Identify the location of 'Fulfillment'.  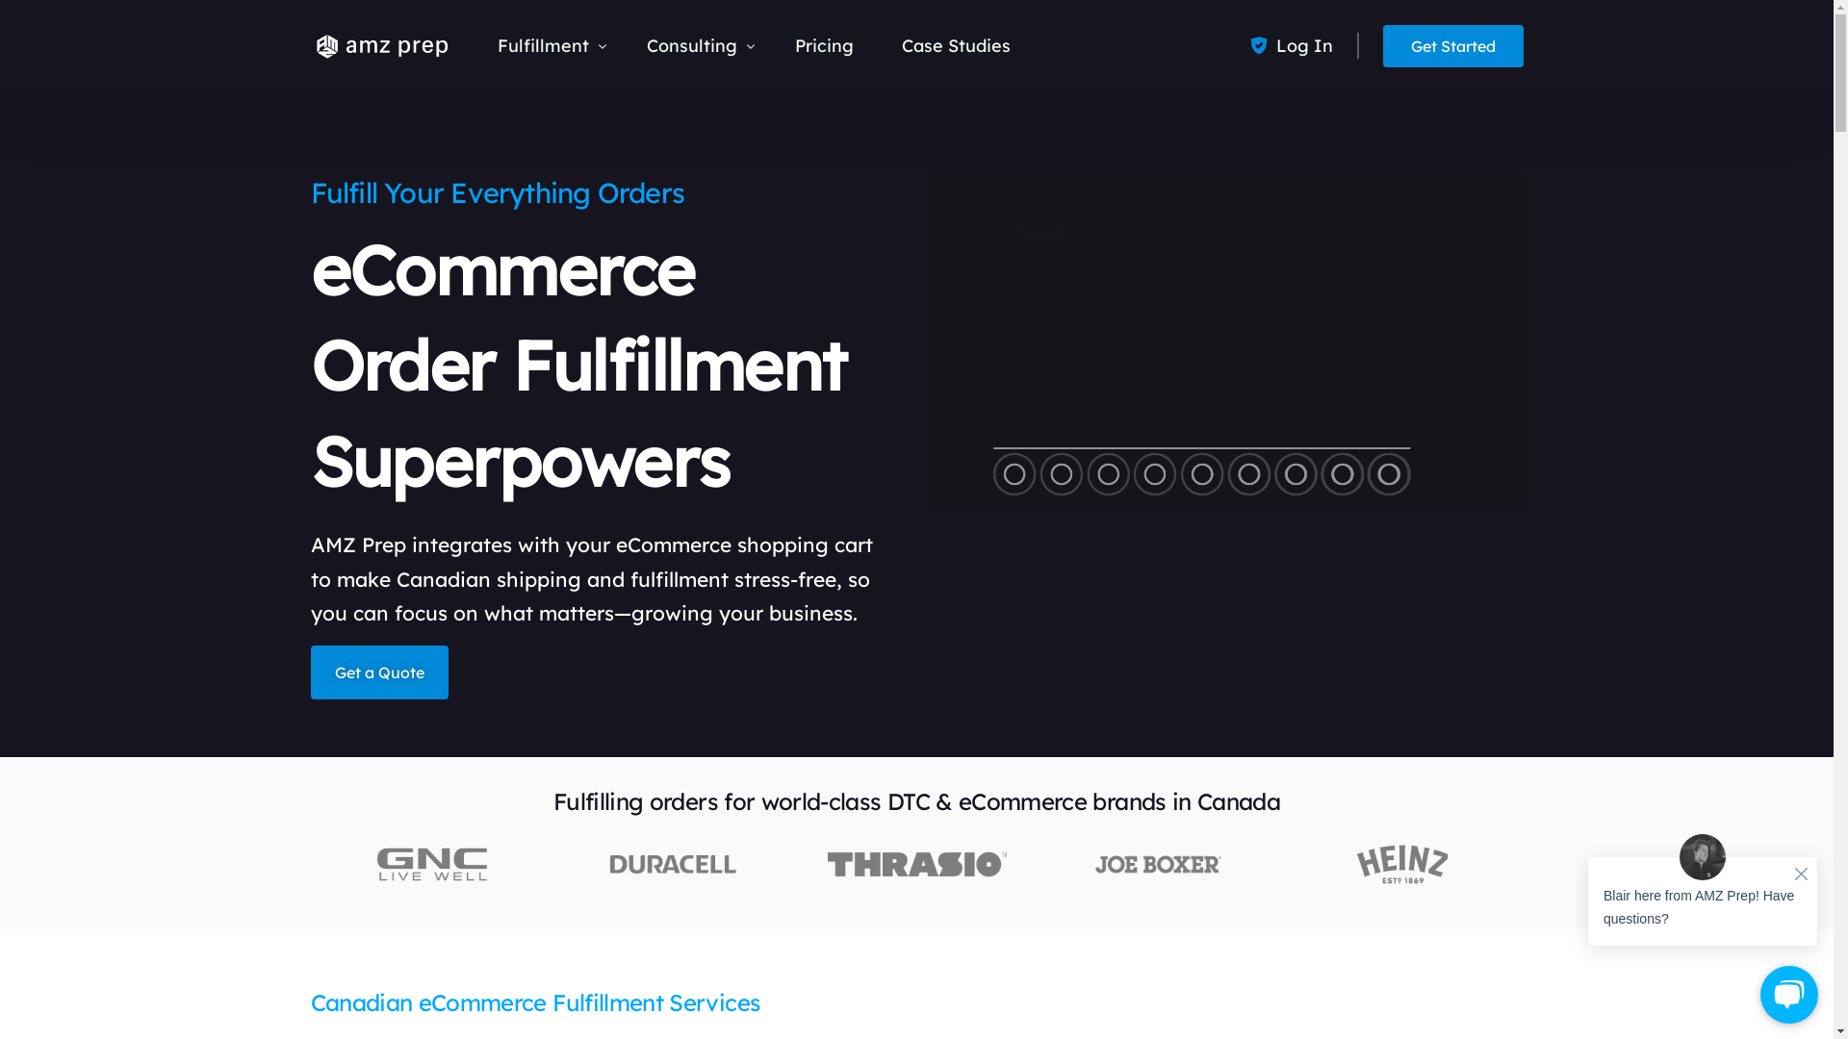
(473, 44).